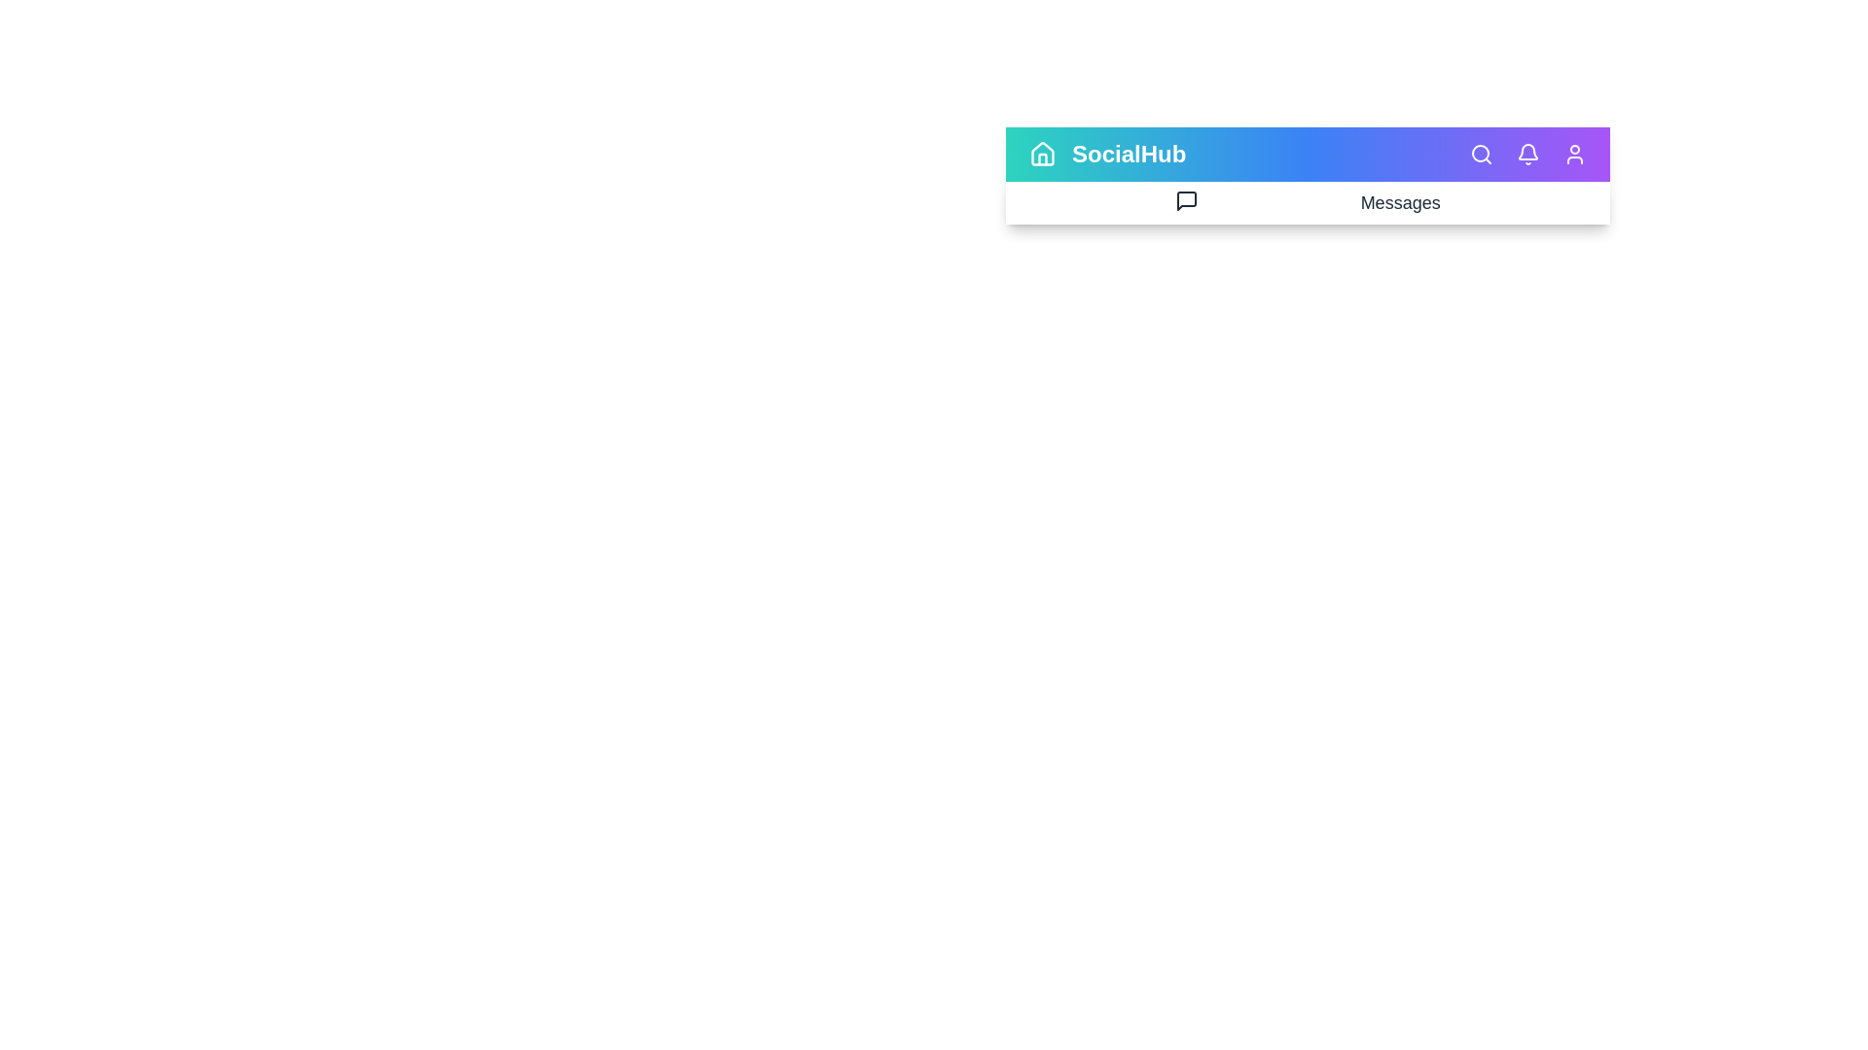 Image resolution: width=1868 pixels, height=1050 pixels. I want to click on the 'Messages' text to select it, so click(1399, 202).